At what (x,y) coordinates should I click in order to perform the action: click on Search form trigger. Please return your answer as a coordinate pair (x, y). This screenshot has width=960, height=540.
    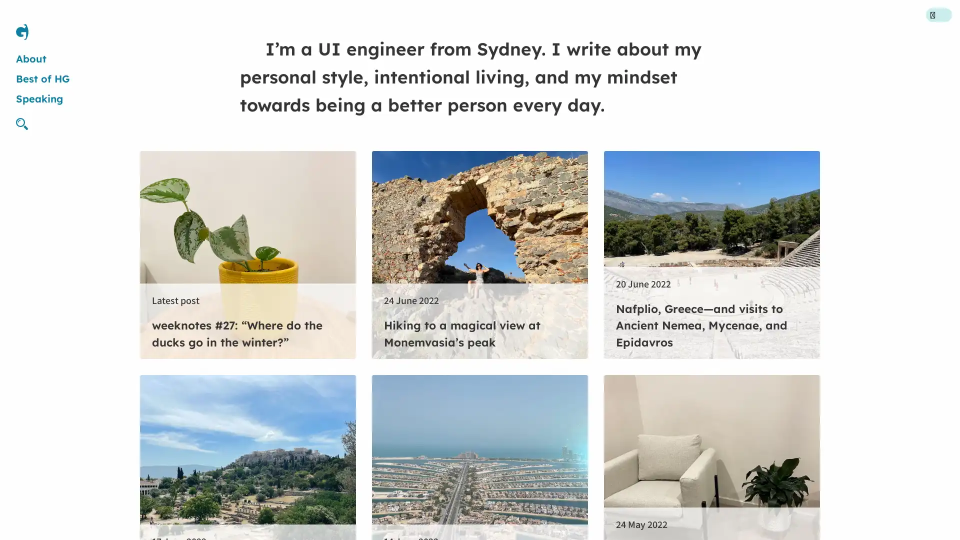
    Looking at the image, I should click on (26, 123).